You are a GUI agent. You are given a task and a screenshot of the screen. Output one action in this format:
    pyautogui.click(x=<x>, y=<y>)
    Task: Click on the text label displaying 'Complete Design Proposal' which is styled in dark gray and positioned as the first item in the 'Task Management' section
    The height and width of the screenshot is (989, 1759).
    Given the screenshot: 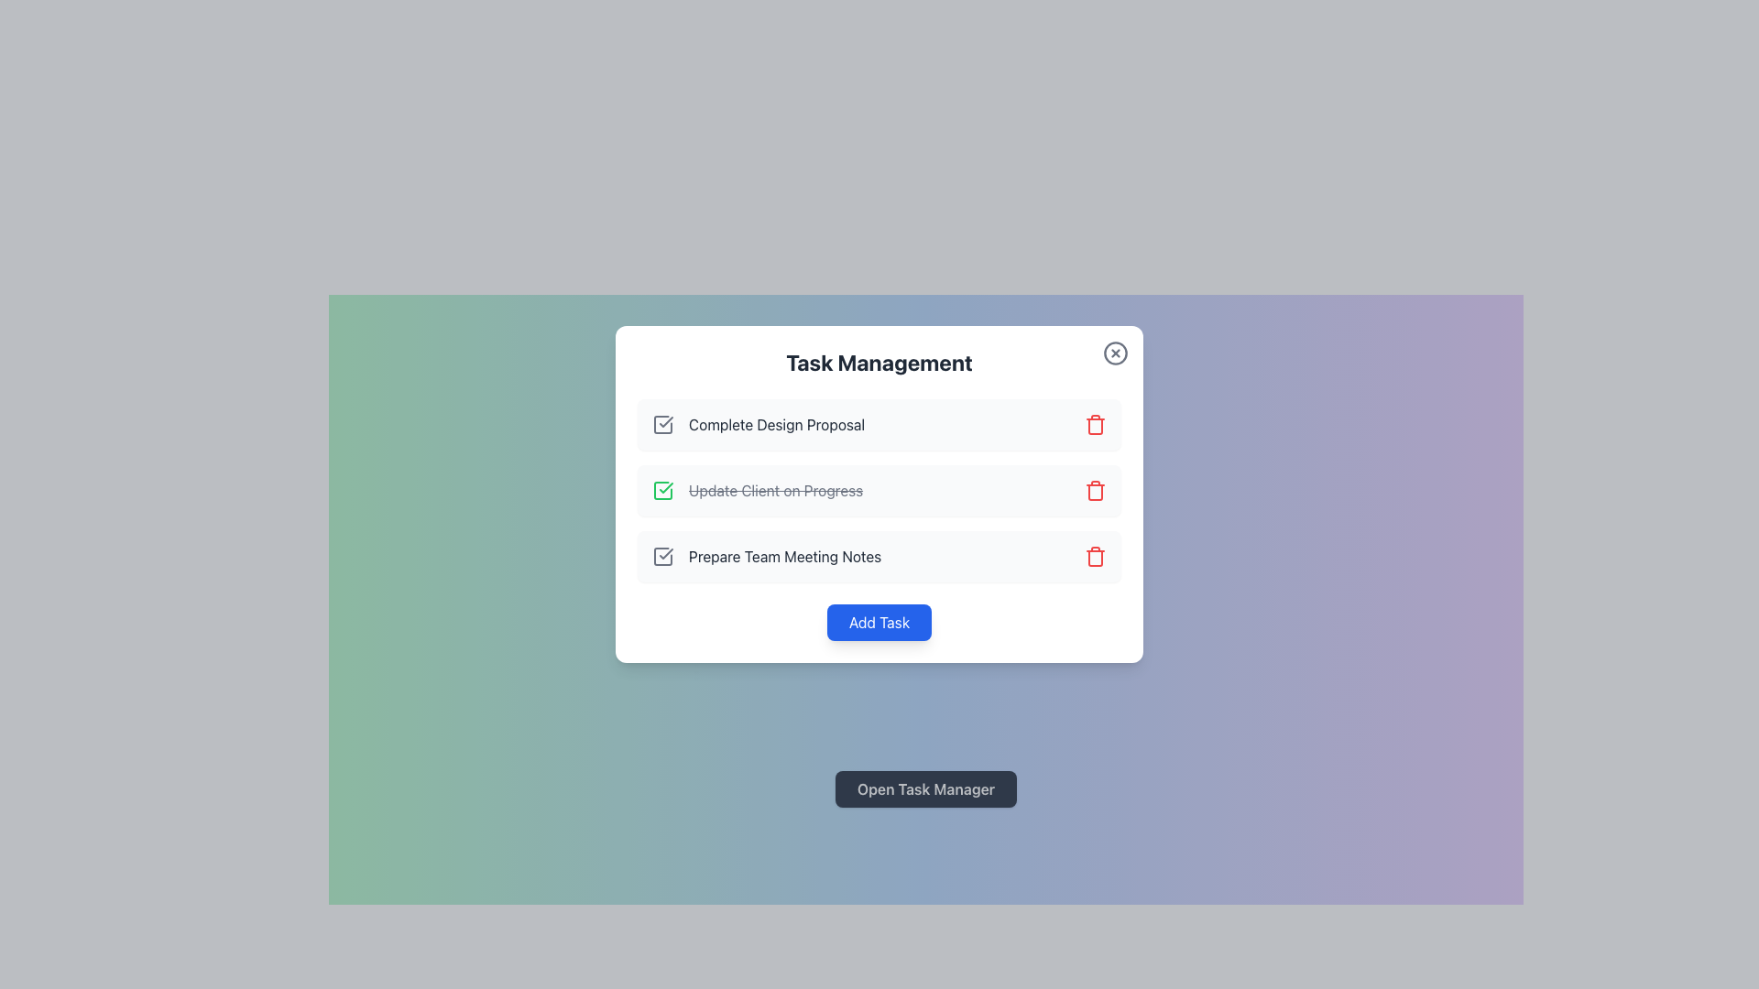 What is the action you would take?
    pyautogui.click(x=777, y=424)
    